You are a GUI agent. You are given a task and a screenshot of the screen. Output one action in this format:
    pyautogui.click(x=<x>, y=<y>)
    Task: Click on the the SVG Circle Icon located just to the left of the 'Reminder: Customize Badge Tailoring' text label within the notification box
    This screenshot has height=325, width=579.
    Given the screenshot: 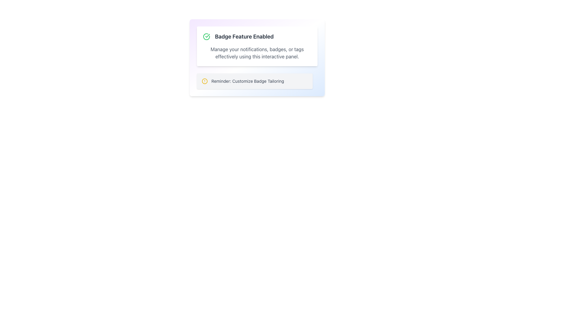 What is the action you would take?
    pyautogui.click(x=204, y=81)
    